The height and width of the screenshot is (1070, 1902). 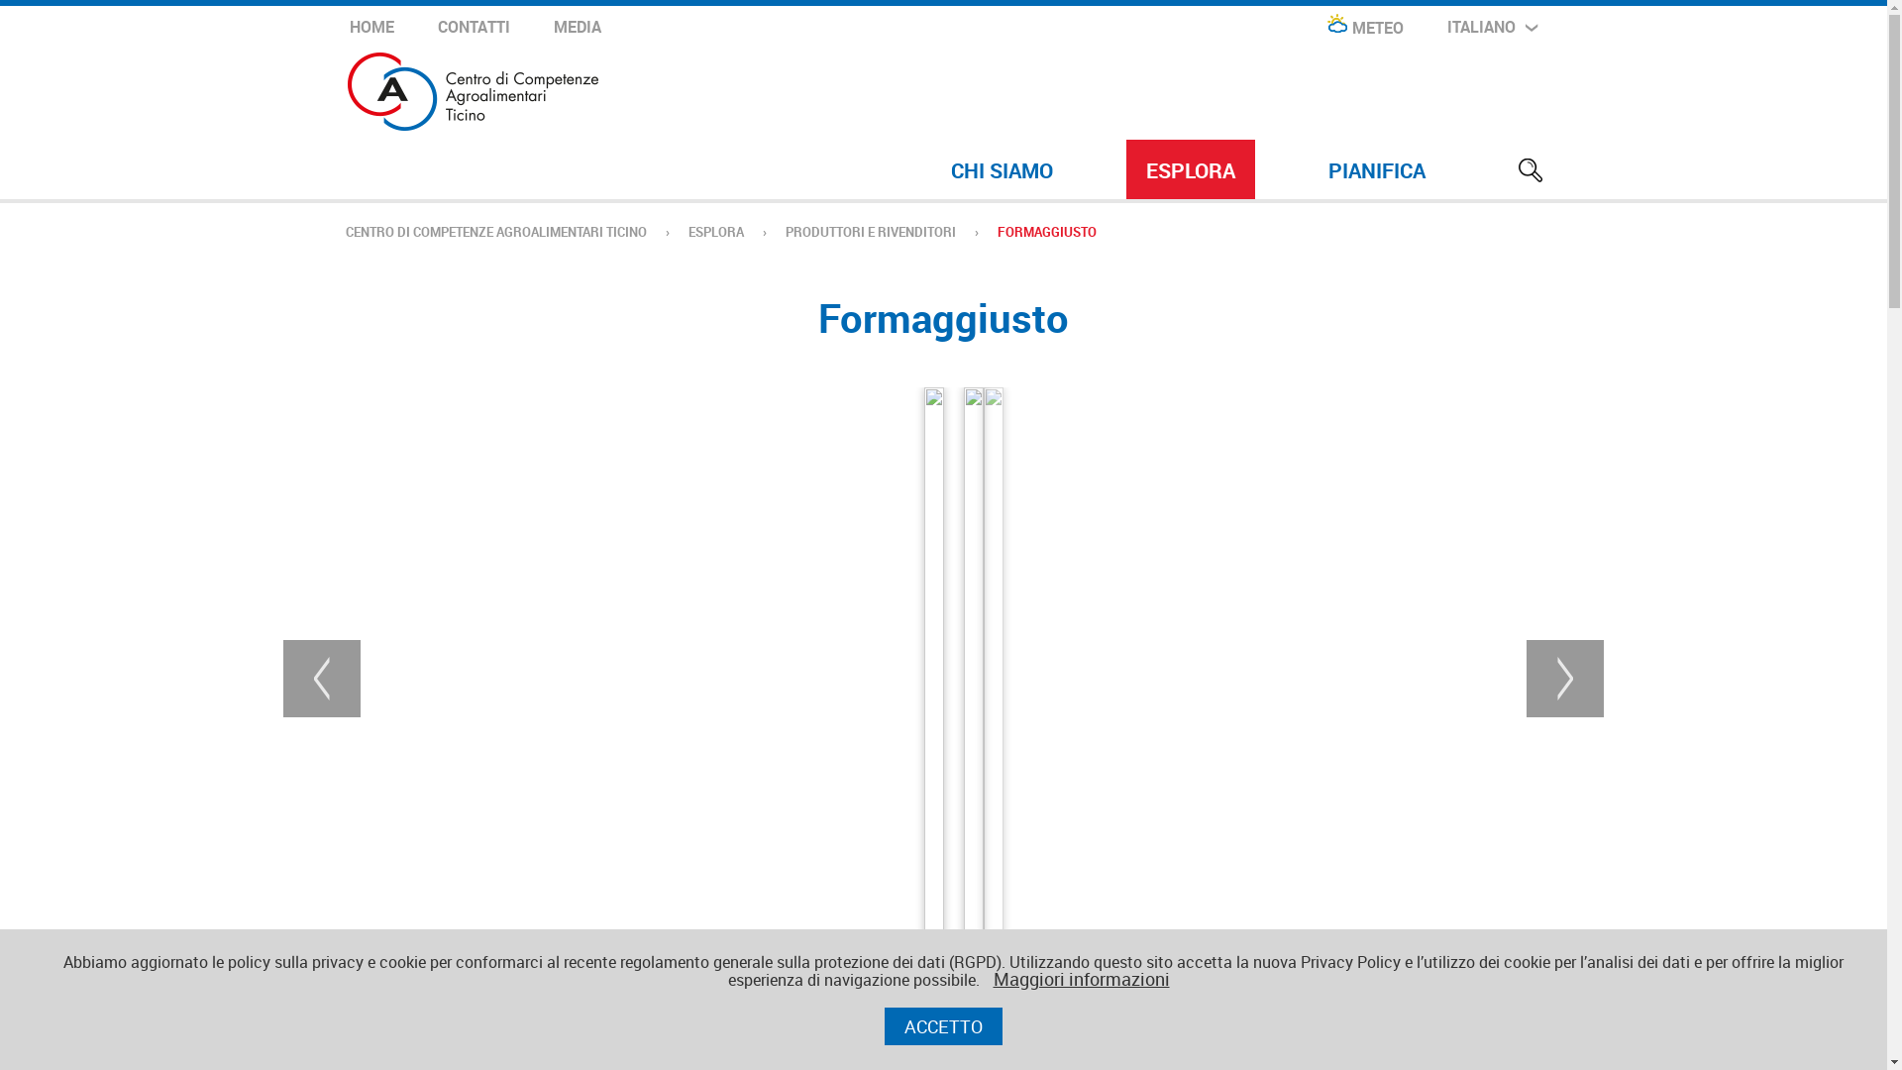 I want to click on 'next', so click(x=1563, y=678).